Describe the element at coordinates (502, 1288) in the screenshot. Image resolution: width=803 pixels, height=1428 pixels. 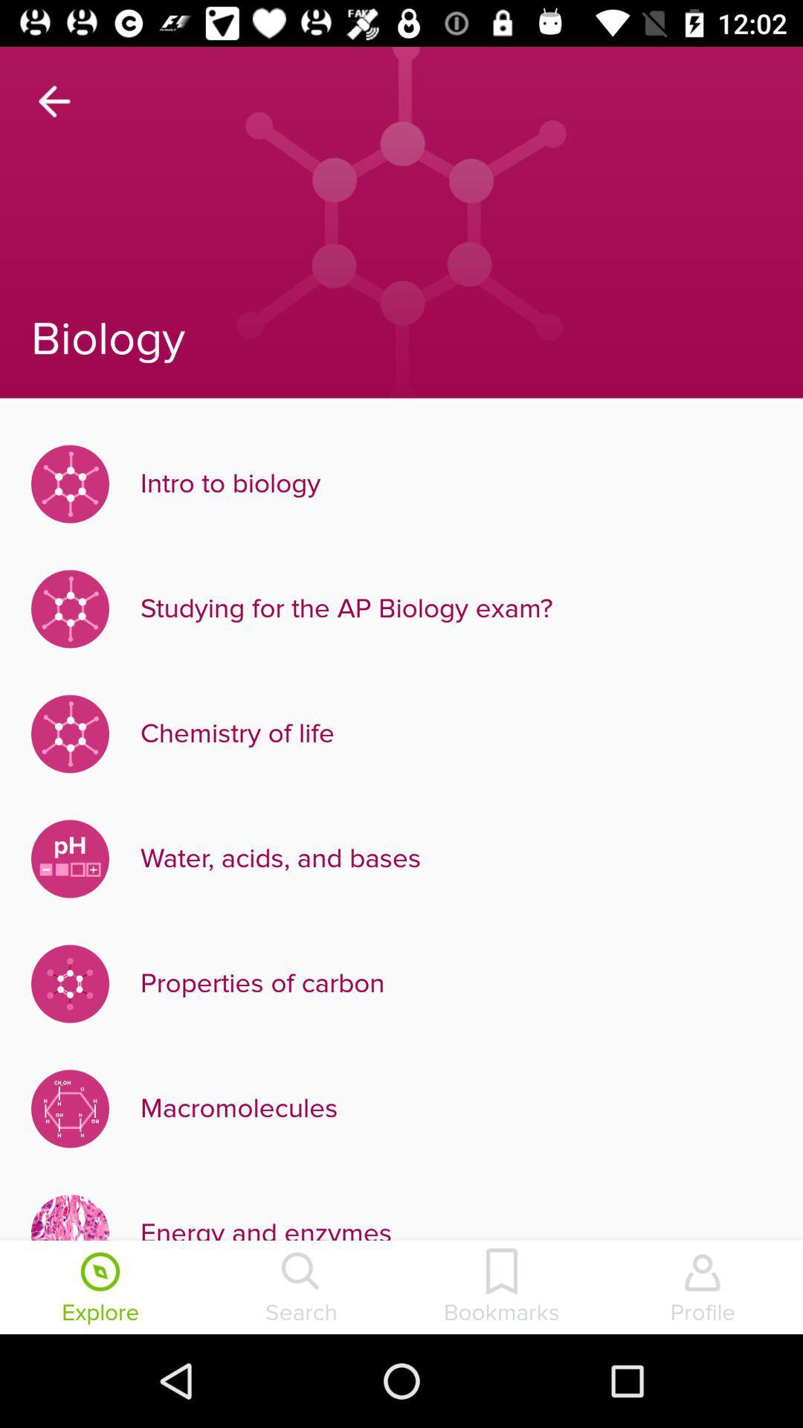
I see `item to the left of the profile icon` at that location.